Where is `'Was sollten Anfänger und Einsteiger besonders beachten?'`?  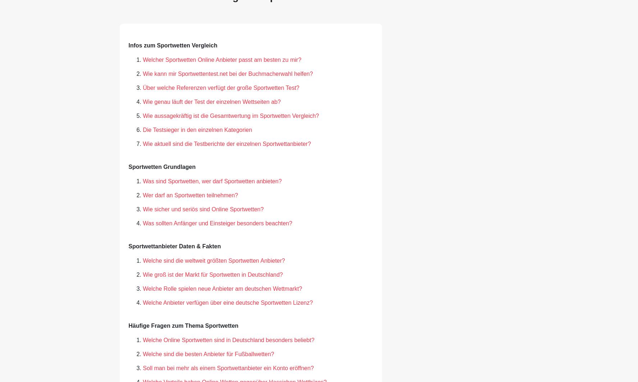
'Was sollten Anfänger und Einsteiger besonders beachten?' is located at coordinates (142, 222).